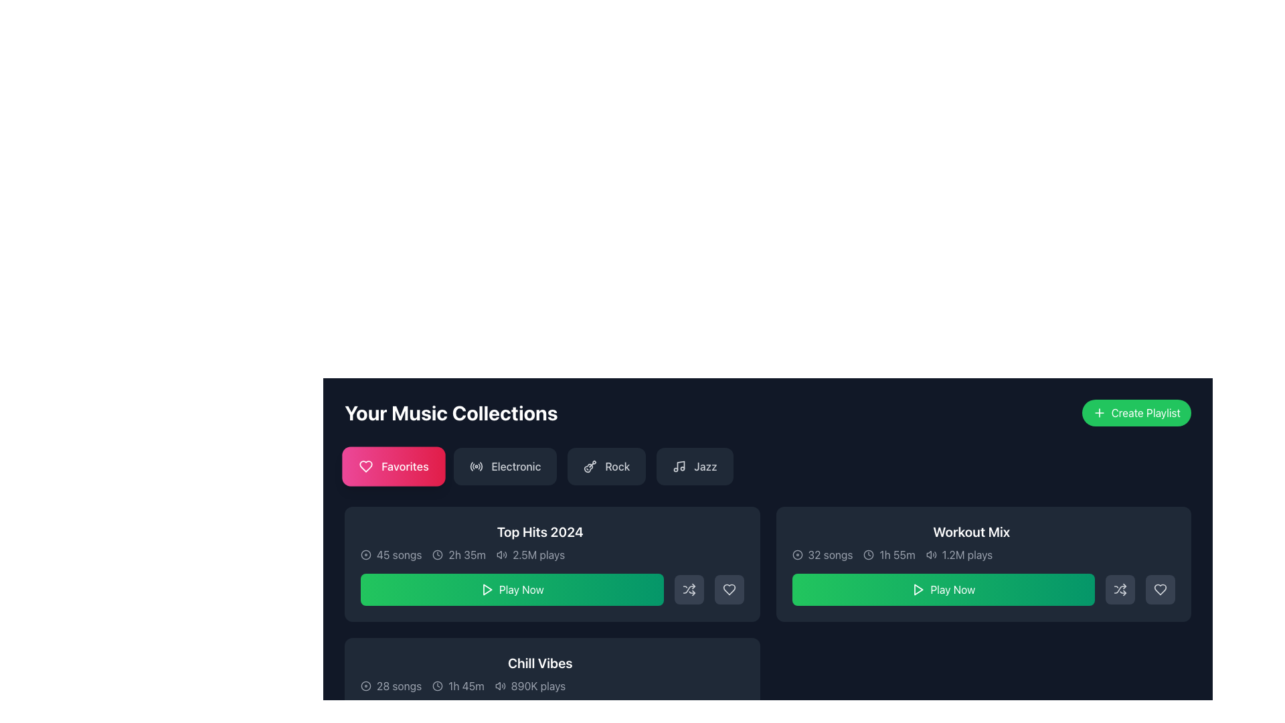 The height and width of the screenshot is (723, 1285). What do you see at coordinates (1159, 588) in the screenshot?
I see `the heart-shaped icon located in the bottom right corner of the 'Workout Mix' playlist entry` at bounding box center [1159, 588].